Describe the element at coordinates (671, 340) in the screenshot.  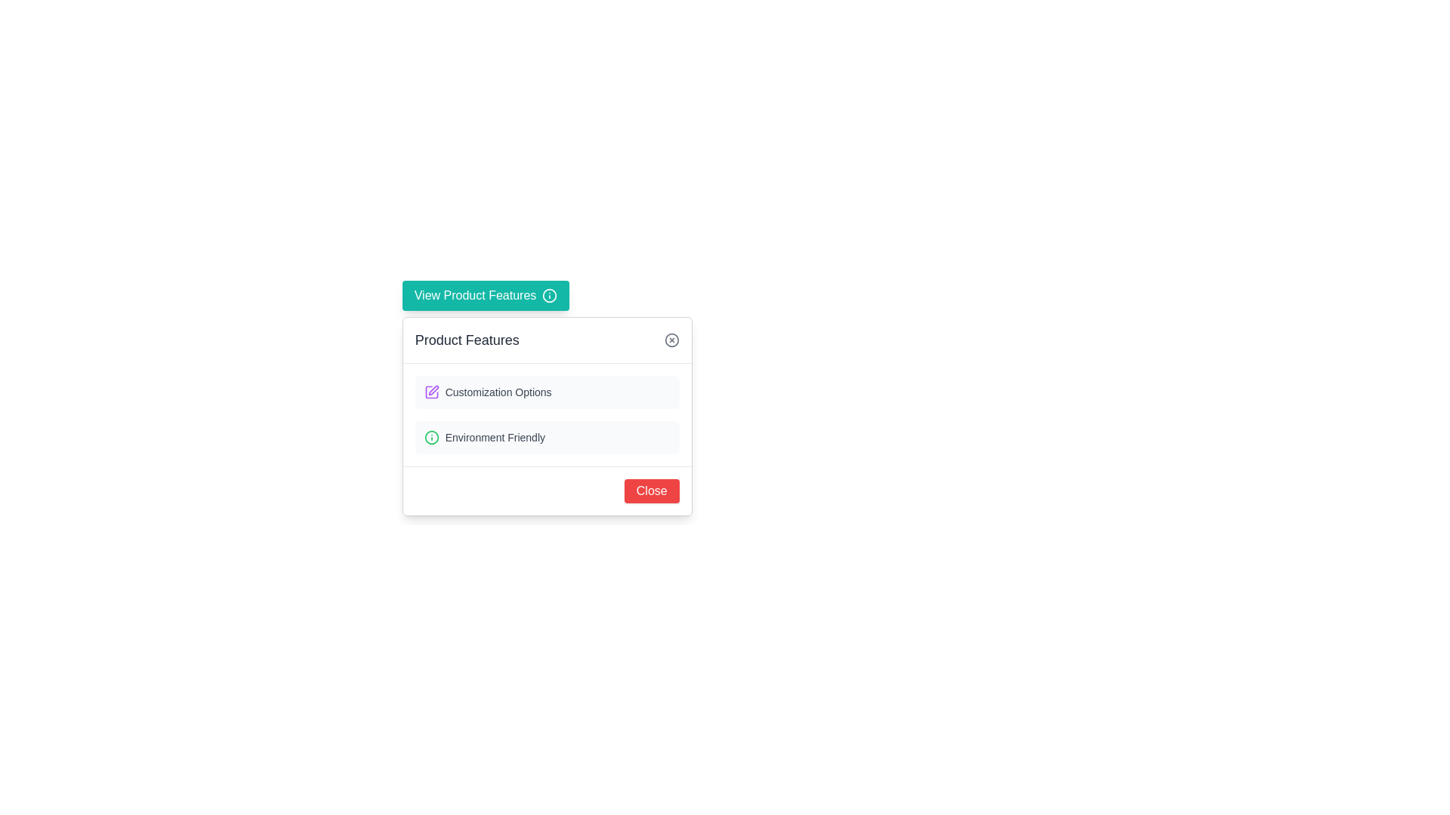
I see `the circular 'close' button located at the upper-right corner of the 'Product Features' section` at that location.